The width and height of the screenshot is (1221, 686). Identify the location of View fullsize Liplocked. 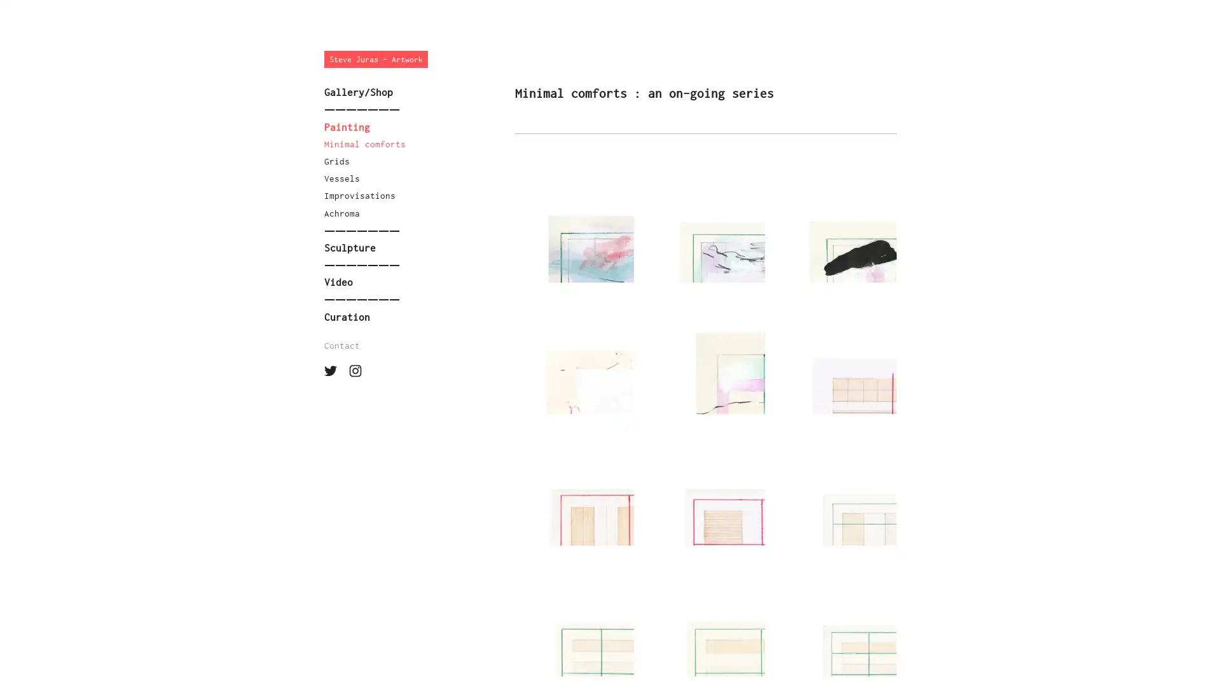
(573, 485).